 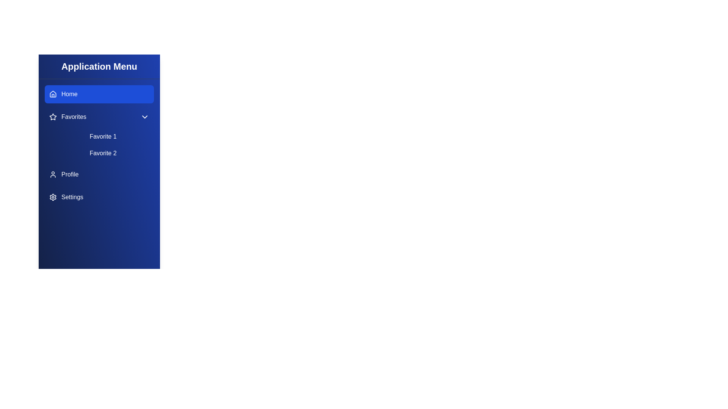 I want to click on the Chevron Down icon located to the far right of the 'Favorites' label in the navigation menu to activate it, so click(x=145, y=117).